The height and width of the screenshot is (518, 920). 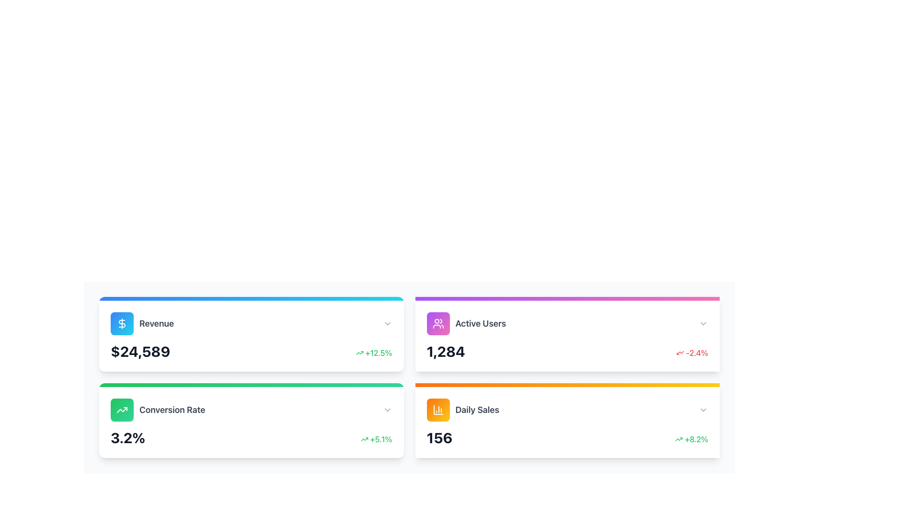 I want to click on the Text label indicating a percentage decrease in 'Active Users', located in the top-right corner of the 'Active Users' card, to the right of the downward-trending arrow icon, so click(x=697, y=353).